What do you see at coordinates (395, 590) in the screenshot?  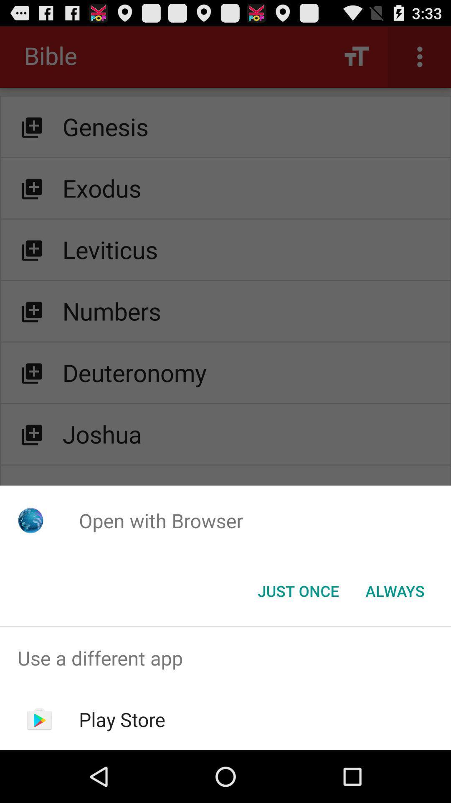 I see `always button` at bounding box center [395, 590].